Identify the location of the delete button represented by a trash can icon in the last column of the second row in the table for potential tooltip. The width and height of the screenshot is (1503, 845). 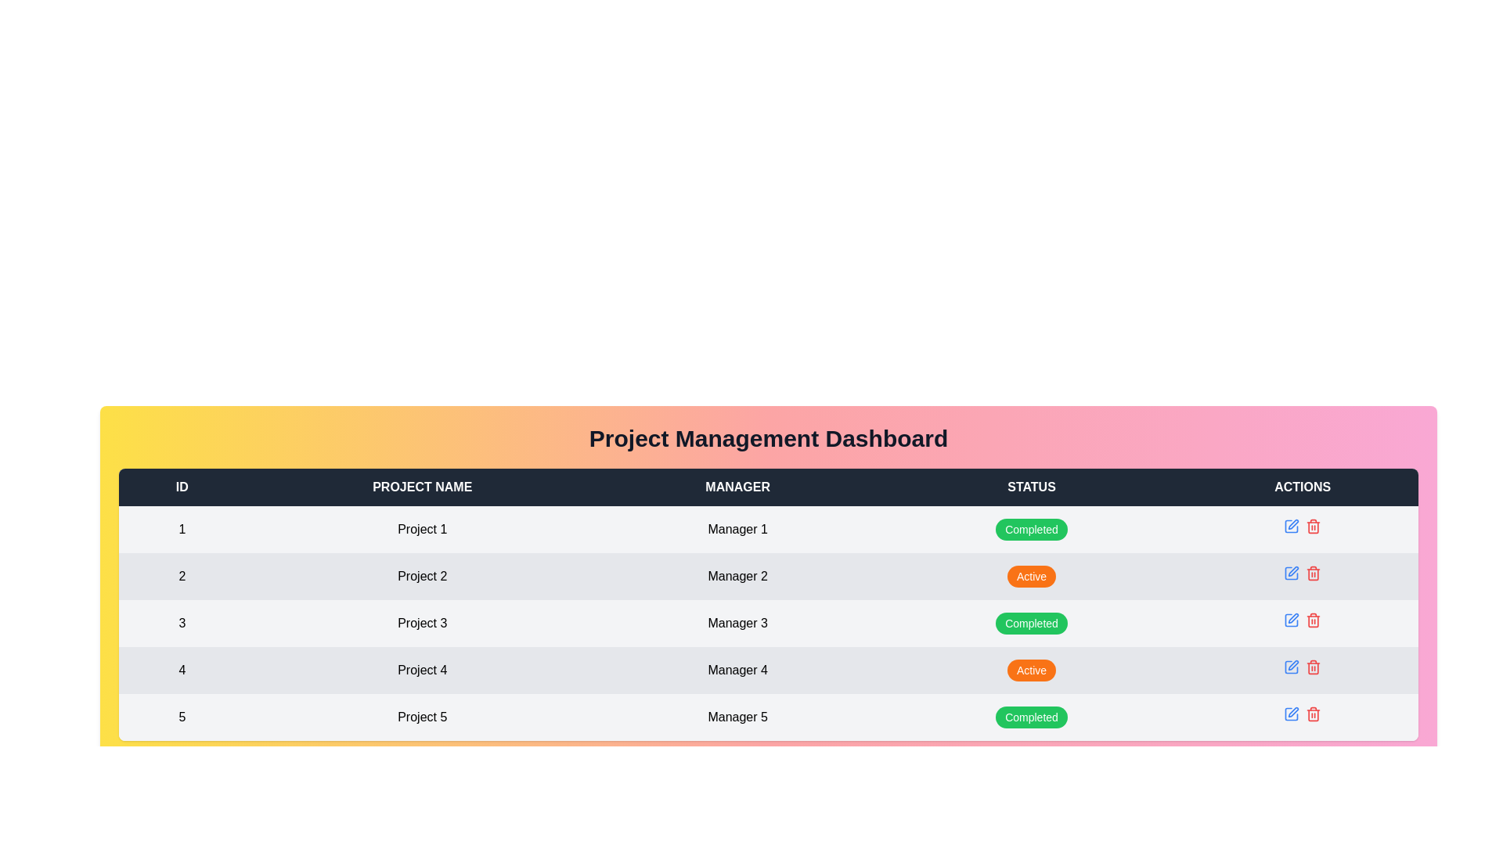
(1314, 526).